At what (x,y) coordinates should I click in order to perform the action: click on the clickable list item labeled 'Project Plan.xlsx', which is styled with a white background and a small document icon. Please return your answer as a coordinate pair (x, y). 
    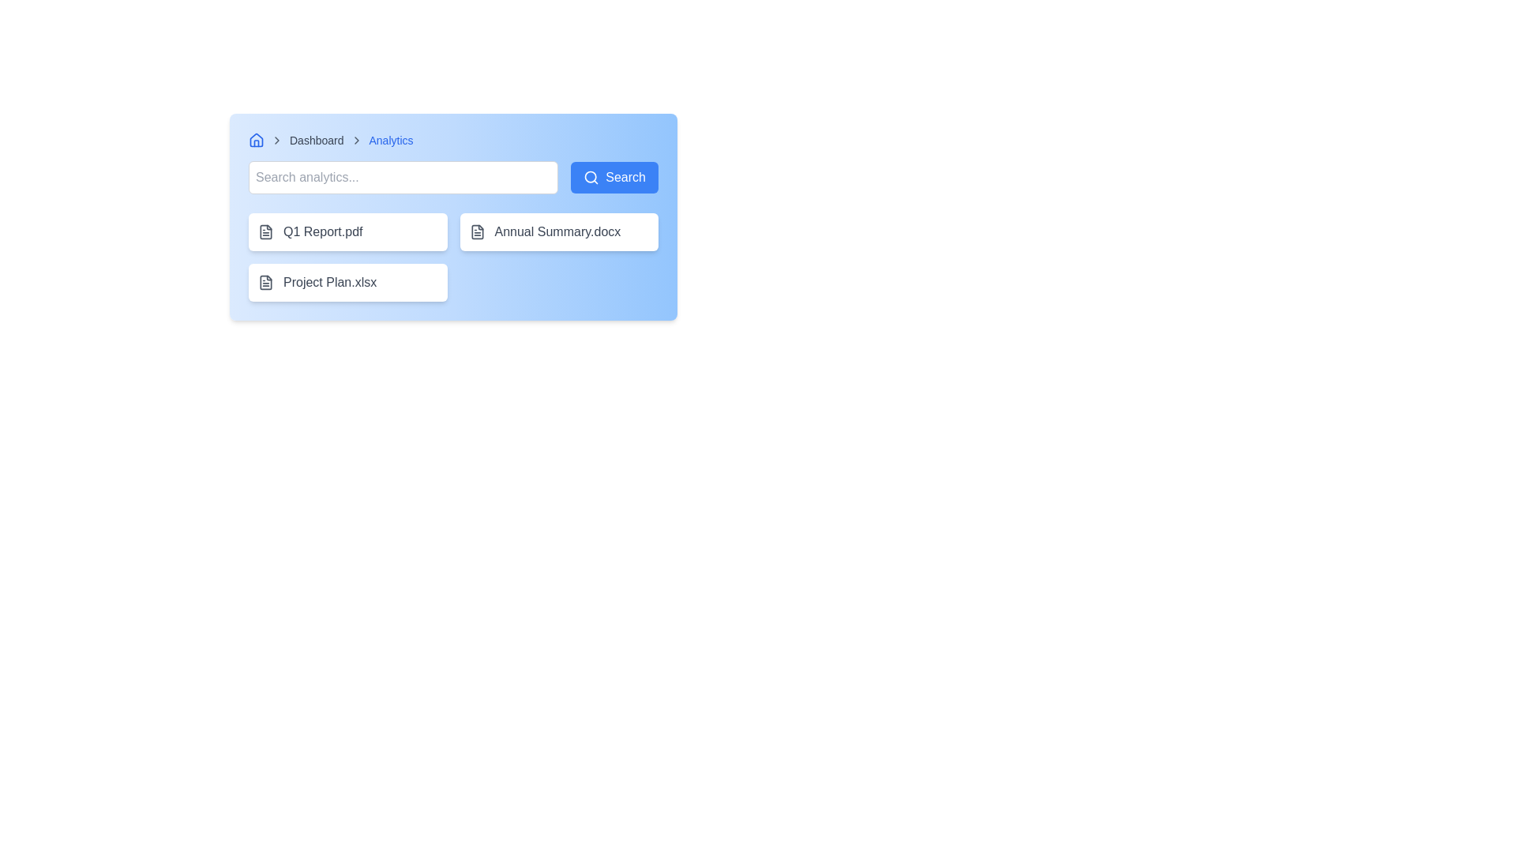
    Looking at the image, I should click on (347, 282).